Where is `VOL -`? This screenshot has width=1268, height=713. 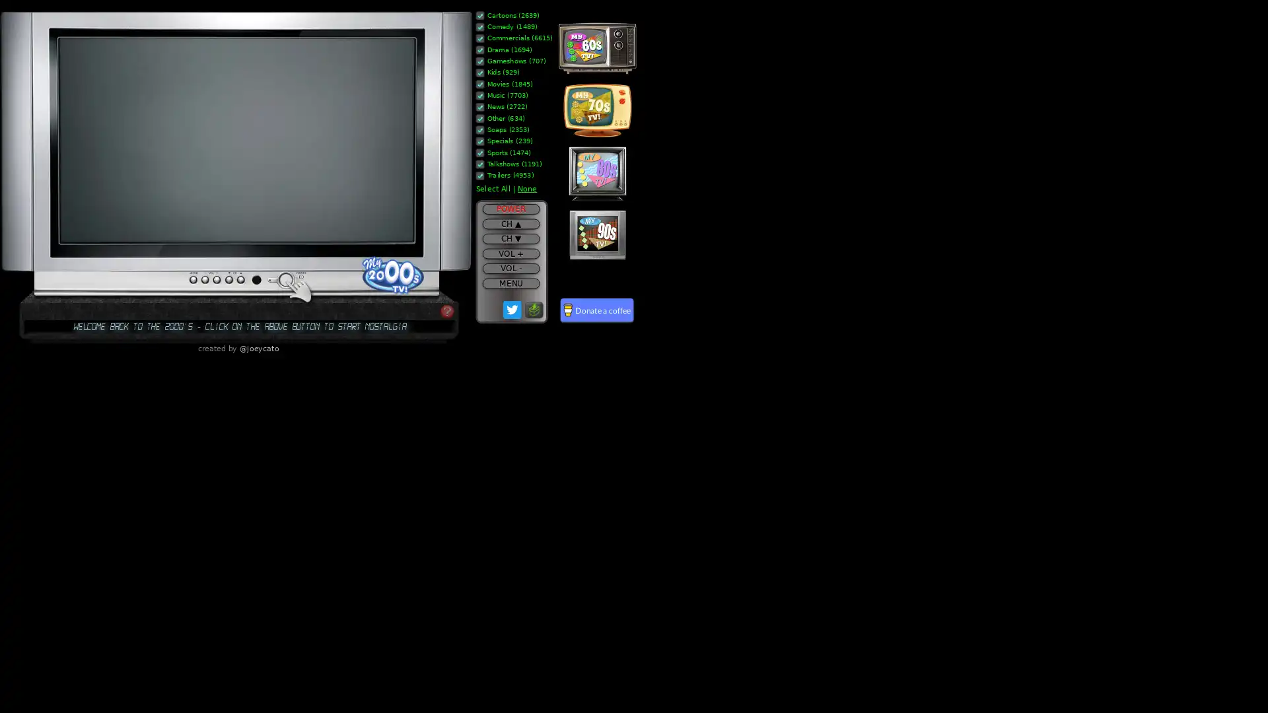 VOL - is located at coordinates (510, 267).